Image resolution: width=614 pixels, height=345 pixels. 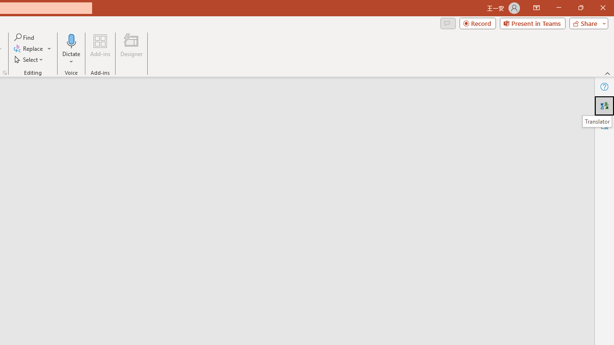 I want to click on 'Ribbon Display Options', so click(x=536, y=8).